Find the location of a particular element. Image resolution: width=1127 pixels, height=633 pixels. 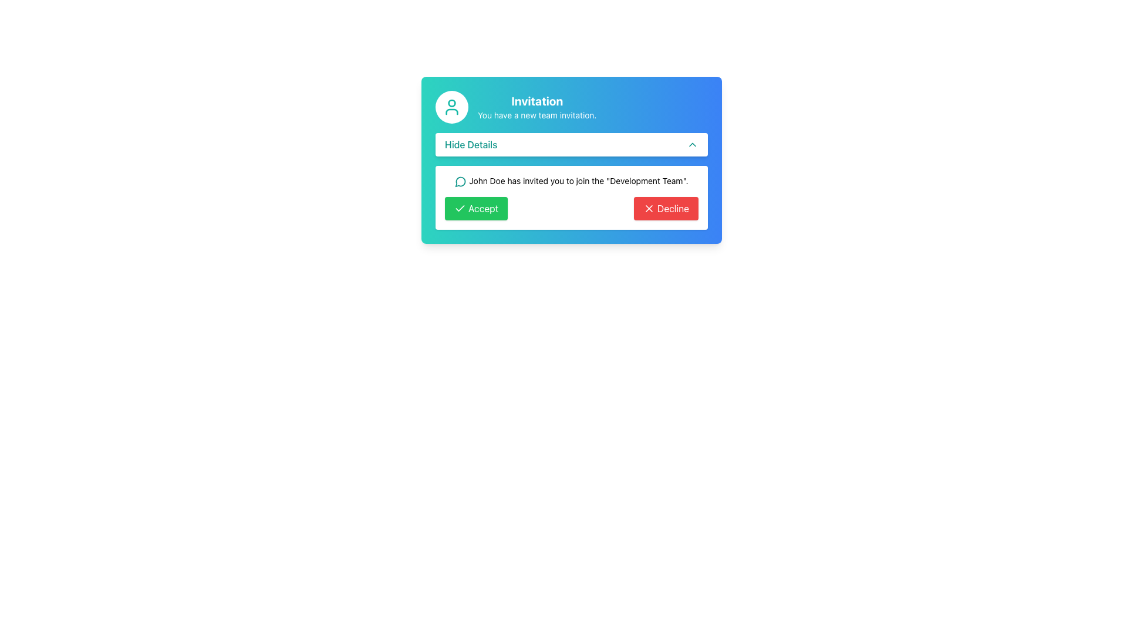

the approval icon located inside the green Accept button in the lower section of the dialog box, positioned towards the left side is located at coordinates (459, 207).